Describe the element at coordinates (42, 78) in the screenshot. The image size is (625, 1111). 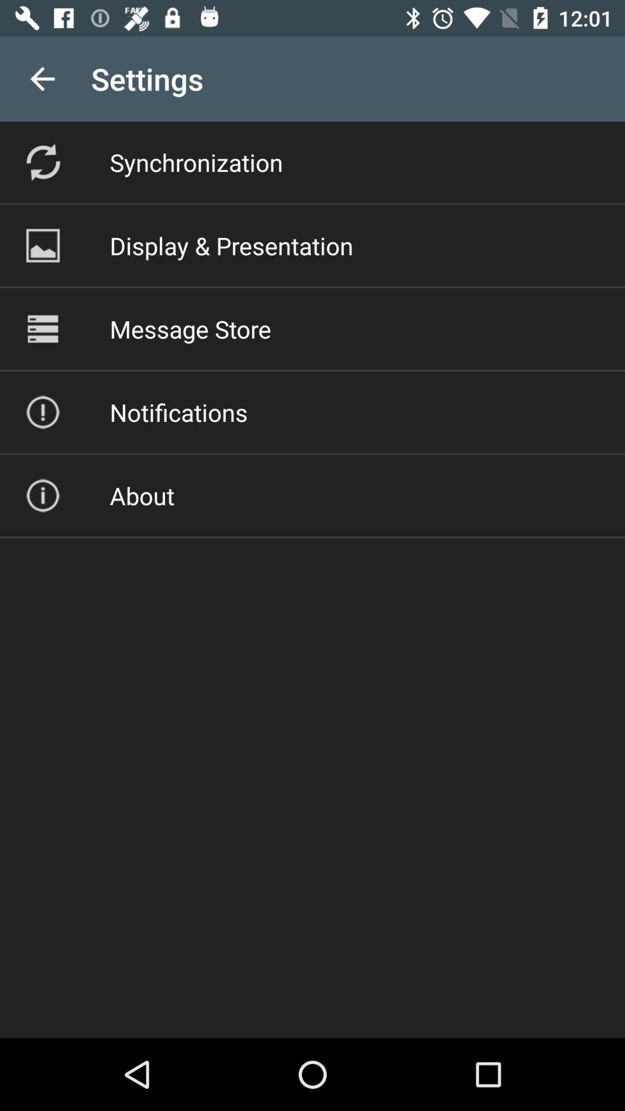
I see `icon to the left of the settings item` at that location.